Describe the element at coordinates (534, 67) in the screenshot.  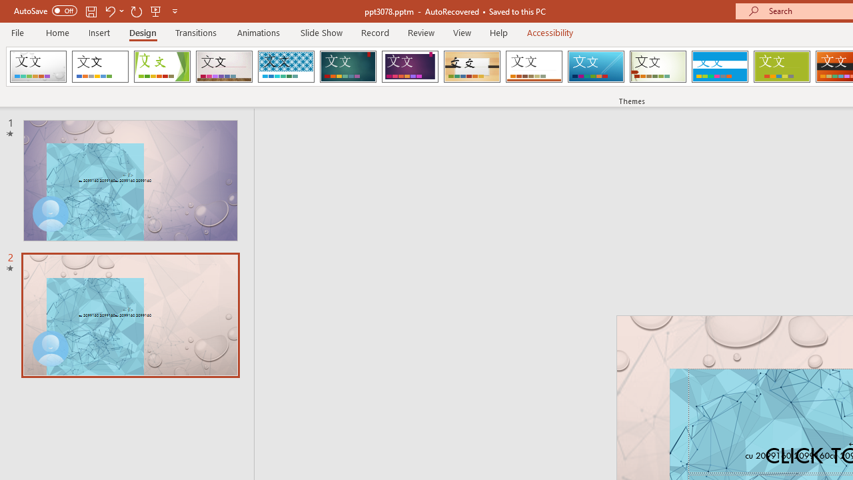
I see `'Retrospect'` at that location.